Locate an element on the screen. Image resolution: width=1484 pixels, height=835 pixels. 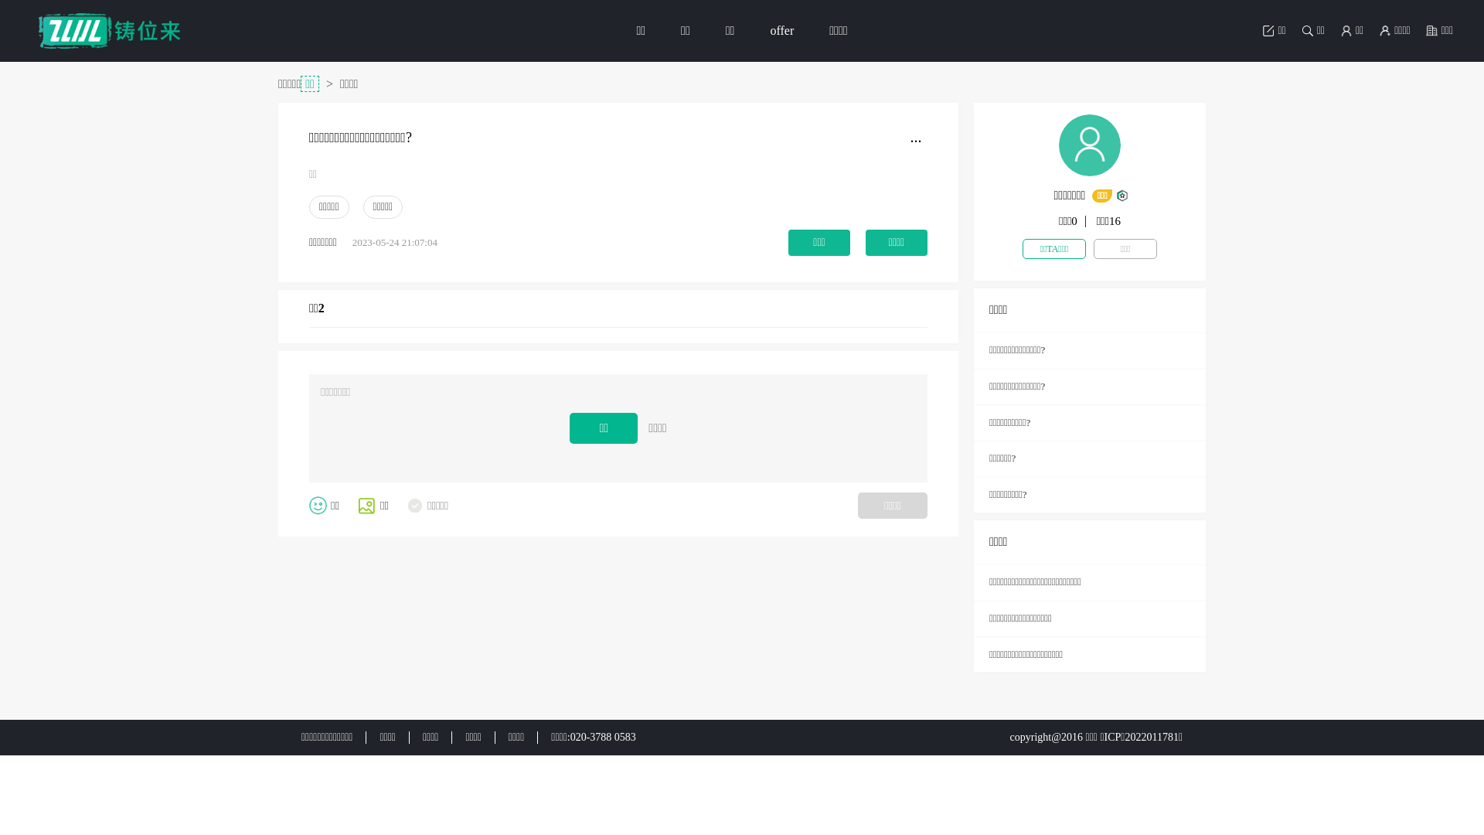
'offer' is located at coordinates (781, 30).